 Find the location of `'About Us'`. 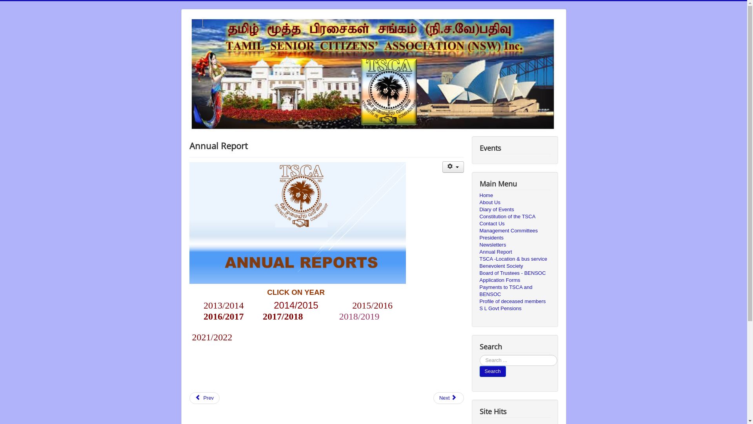

'About Us' is located at coordinates (514, 202).